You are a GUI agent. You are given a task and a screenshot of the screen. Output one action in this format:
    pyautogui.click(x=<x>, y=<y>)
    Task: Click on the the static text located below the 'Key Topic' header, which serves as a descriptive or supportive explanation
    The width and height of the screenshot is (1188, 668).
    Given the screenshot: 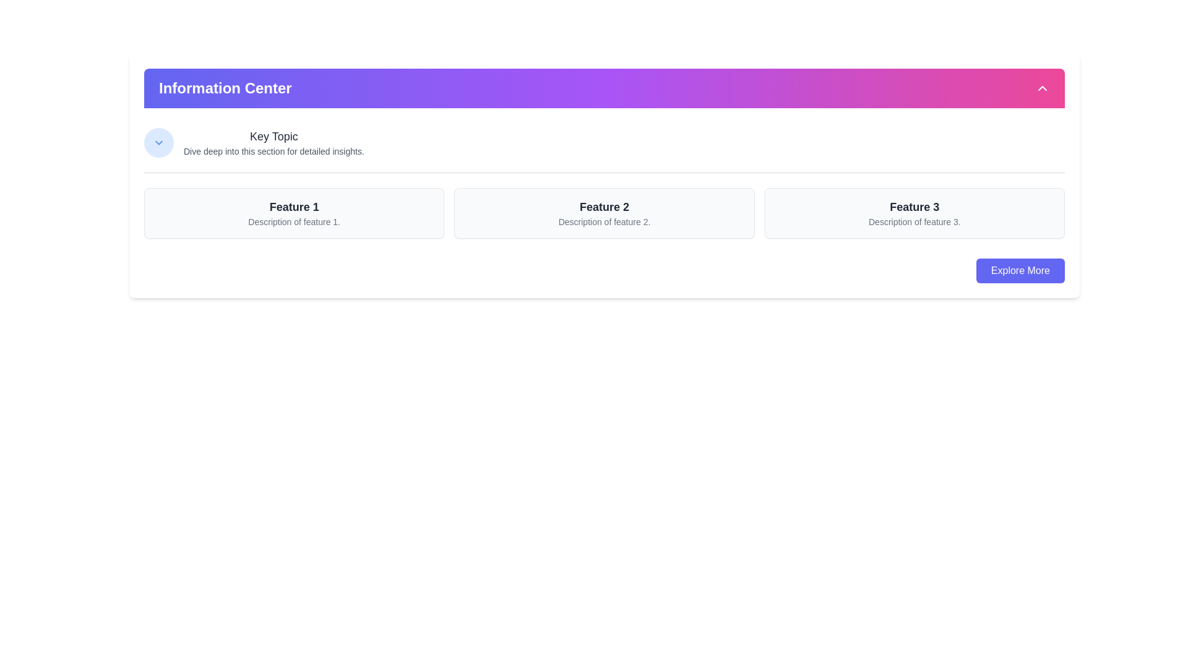 What is the action you would take?
    pyautogui.click(x=273, y=151)
    